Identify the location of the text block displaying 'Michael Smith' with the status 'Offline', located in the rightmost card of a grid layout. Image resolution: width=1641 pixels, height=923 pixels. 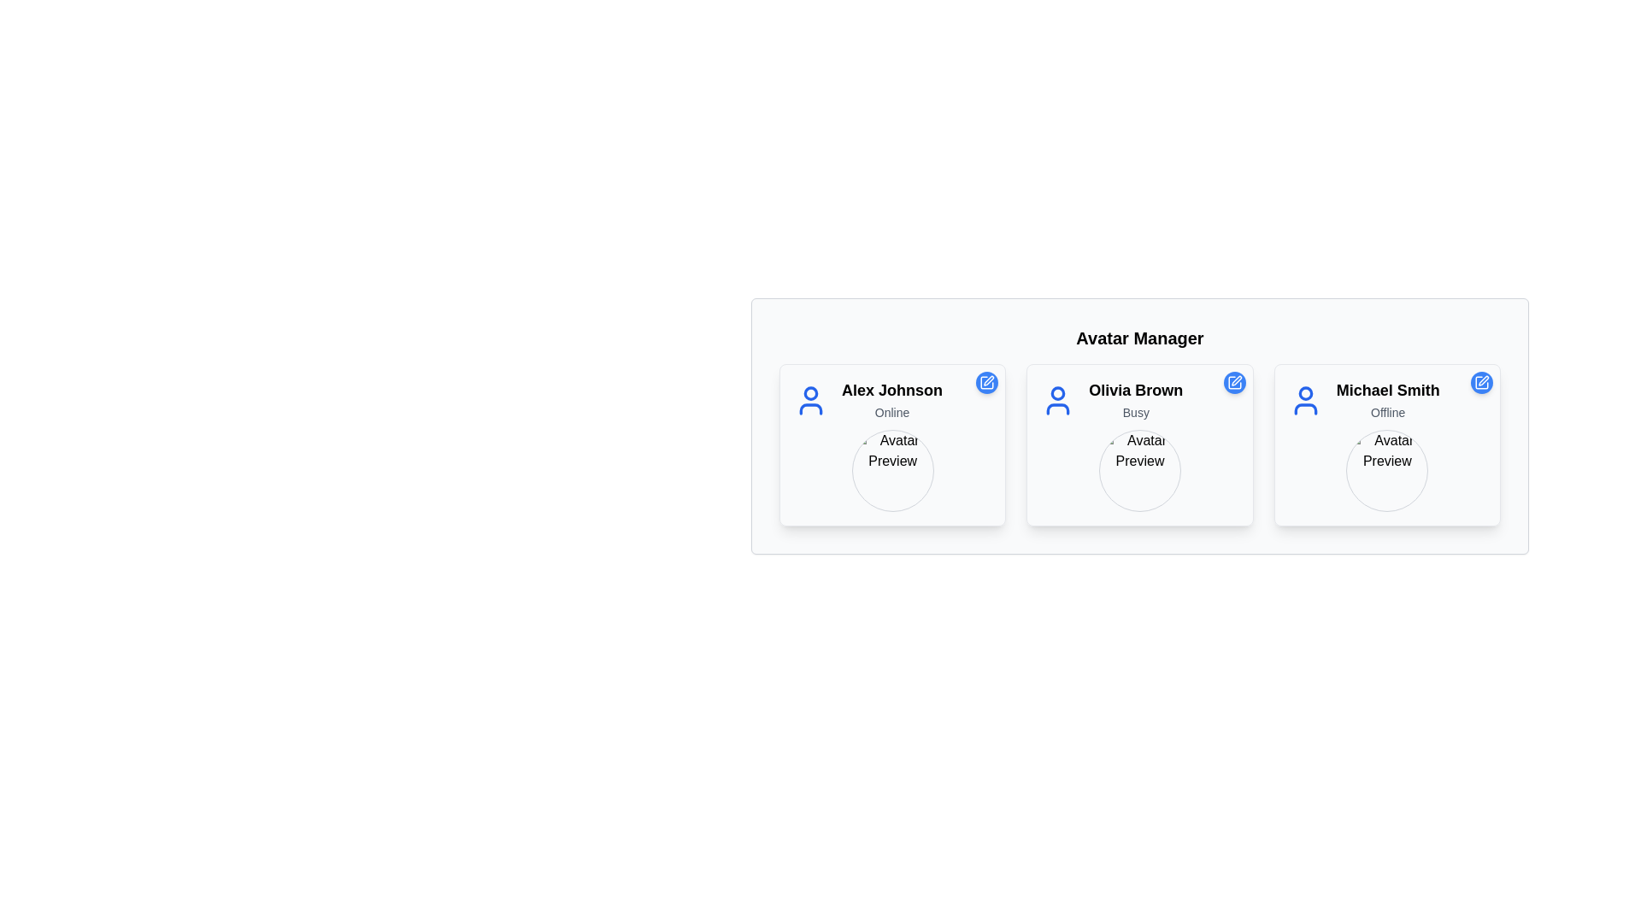
(1388, 401).